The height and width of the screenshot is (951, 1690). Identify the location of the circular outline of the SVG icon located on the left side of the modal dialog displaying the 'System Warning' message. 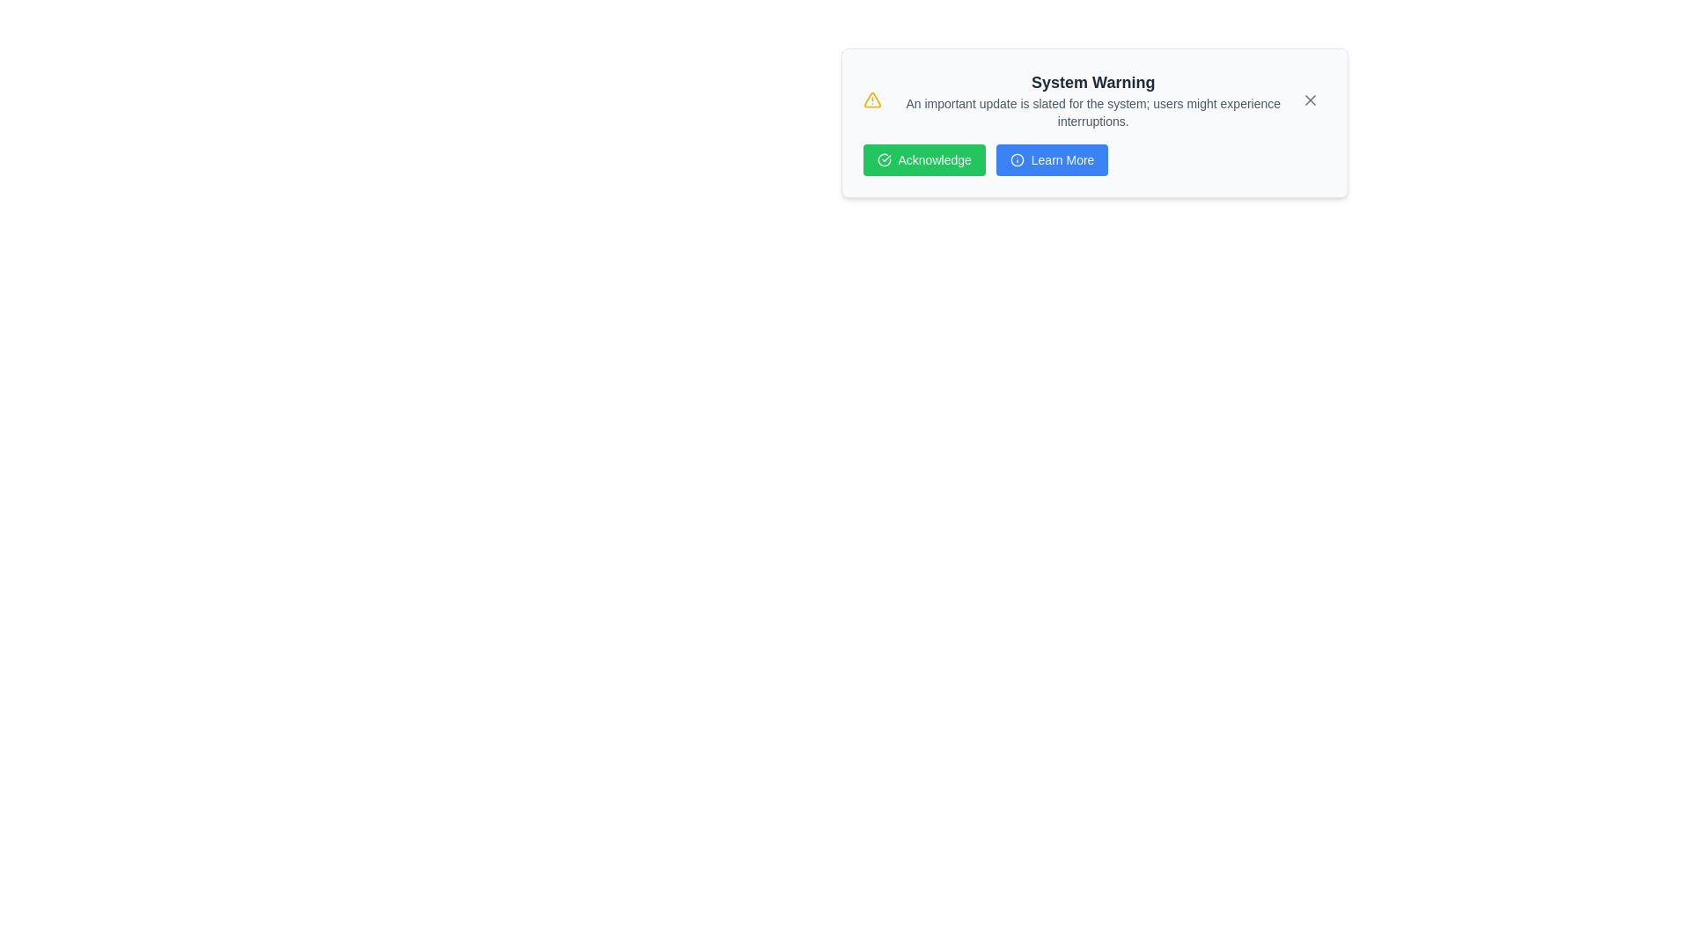
(1017, 159).